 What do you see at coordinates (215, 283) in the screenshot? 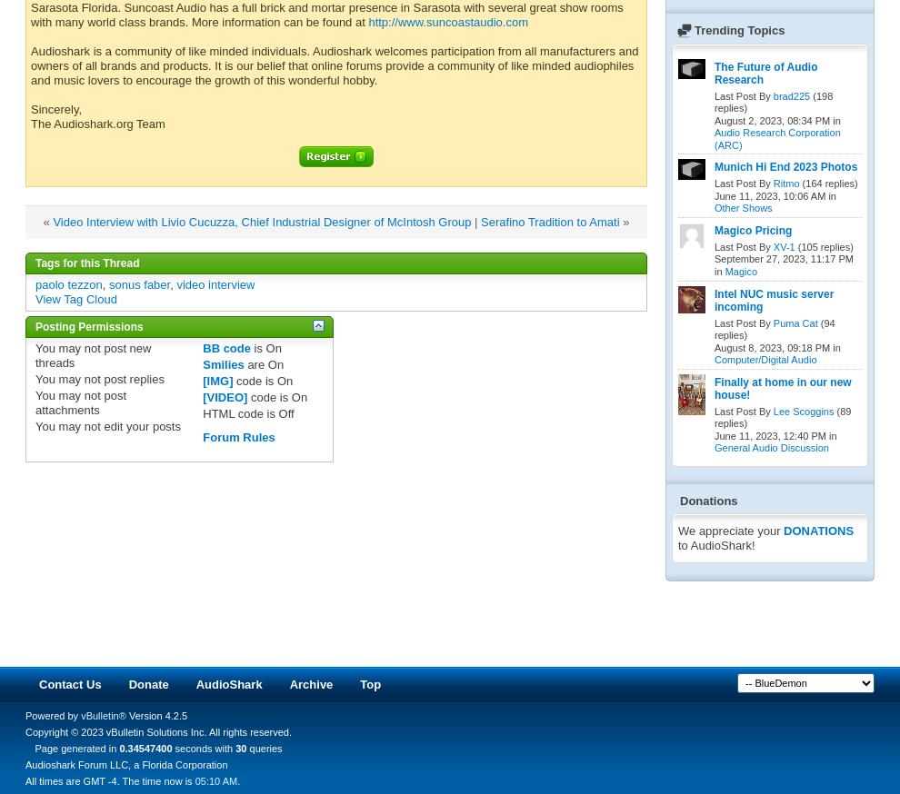
I see `'video interview'` at bounding box center [215, 283].